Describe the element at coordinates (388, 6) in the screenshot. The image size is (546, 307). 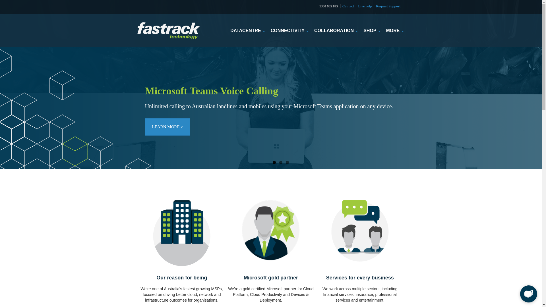
I see `'Request Support'` at that location.